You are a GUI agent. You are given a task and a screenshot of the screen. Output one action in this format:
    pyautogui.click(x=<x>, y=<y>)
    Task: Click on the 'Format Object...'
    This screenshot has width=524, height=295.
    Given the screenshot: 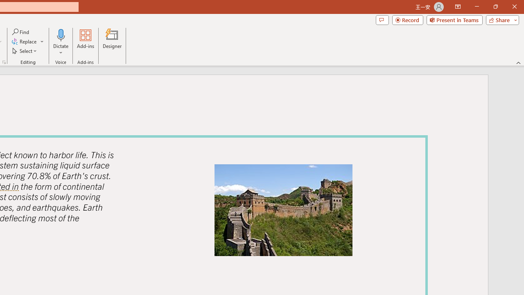 What is the action you would take?
    pyautogui.click(x=4, y=61)
    